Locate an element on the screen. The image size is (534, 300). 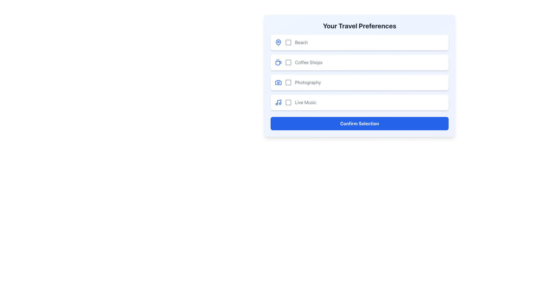
'Live Music' icon, which is the fourth option in the vertical list of preferences, to examine its styling is located at coordinates (288, 102).